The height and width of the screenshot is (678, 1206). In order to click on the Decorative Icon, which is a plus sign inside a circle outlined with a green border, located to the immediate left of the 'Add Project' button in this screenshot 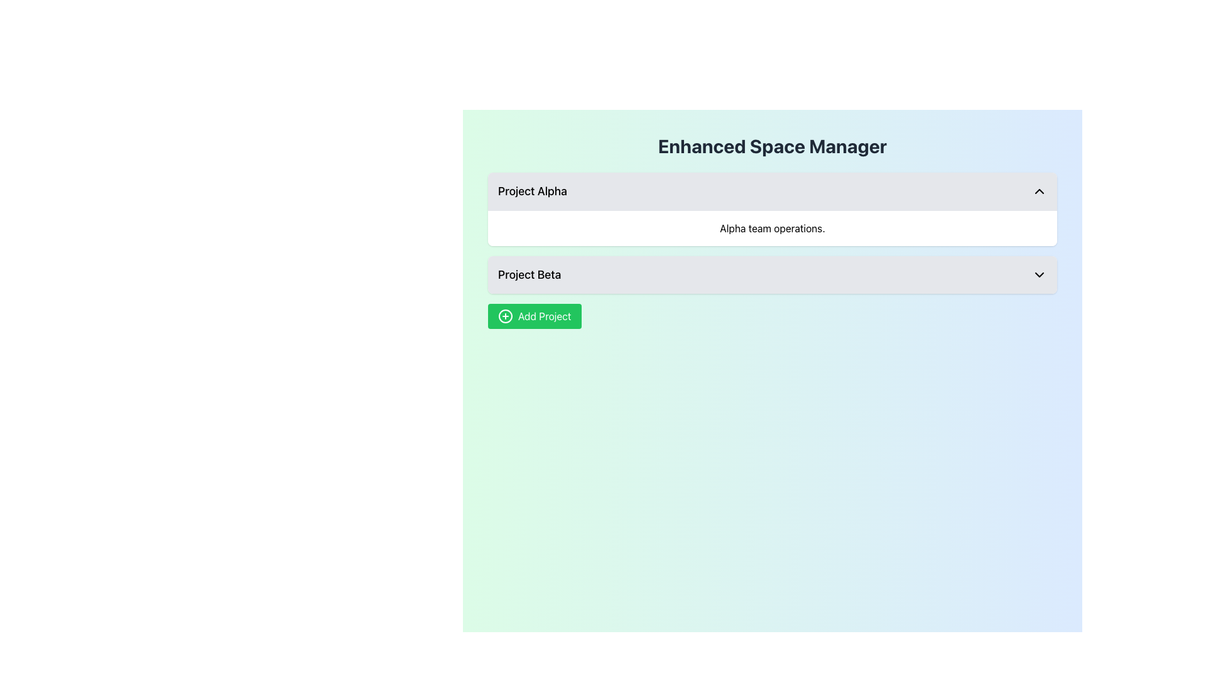, I will do `click(506, 316)`.